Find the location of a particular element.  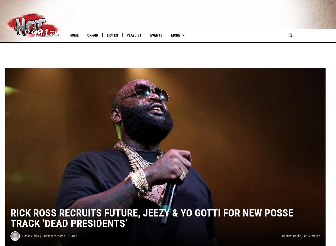

'What's Hot' is located at coordinates (13, 45).